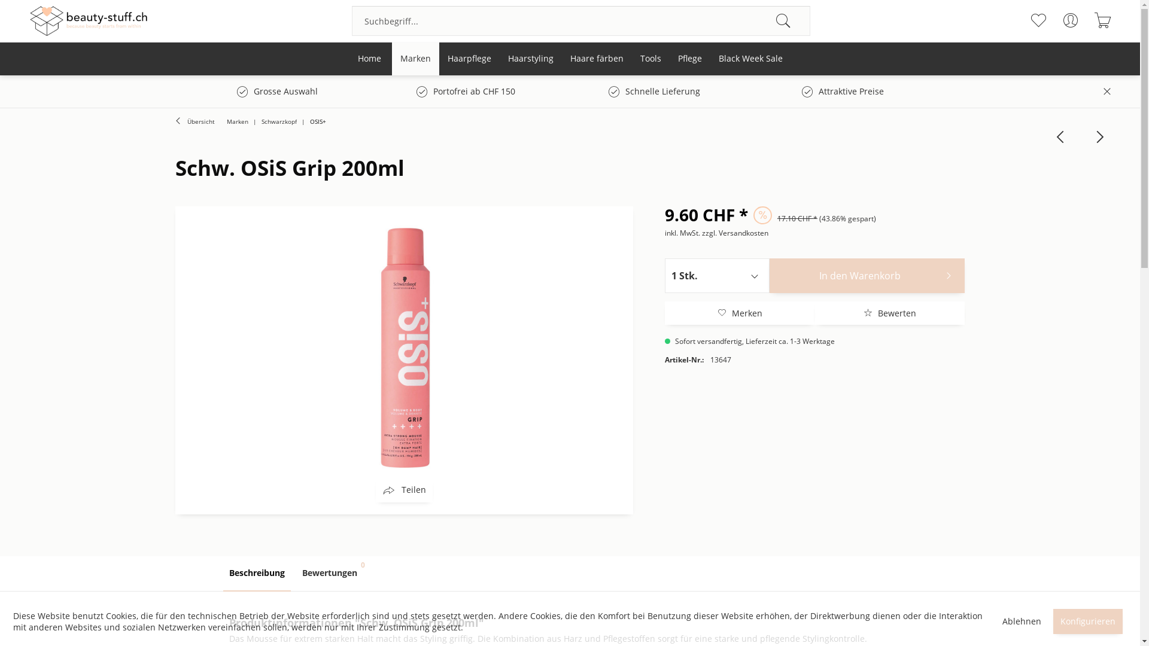 This screenshot has height=646, width=1149. What do you see at coordinates (734, 233) in the screenshot?
I see `'zzgl. Versandkosten'` at bounding box center [734, 233].